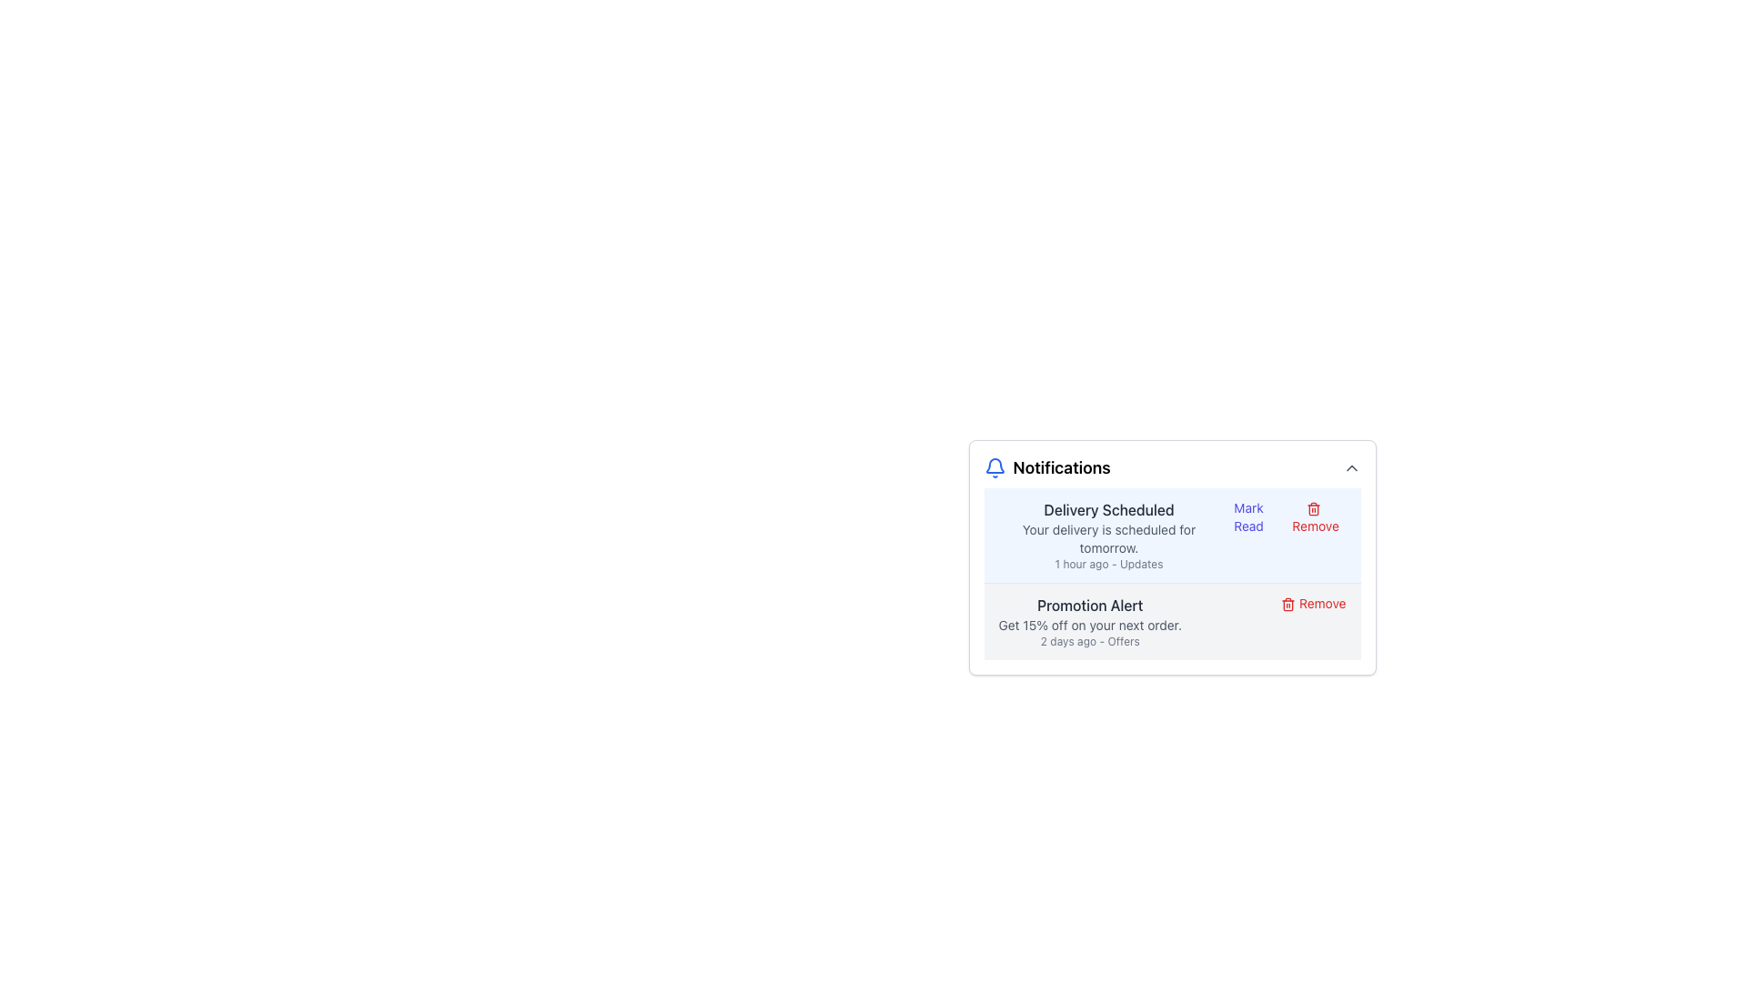  Describe the element at coordinates (1062, 467) in the screenshot. I see `the header text element located to the right of the blue bell icon in the notifications section` at that location.